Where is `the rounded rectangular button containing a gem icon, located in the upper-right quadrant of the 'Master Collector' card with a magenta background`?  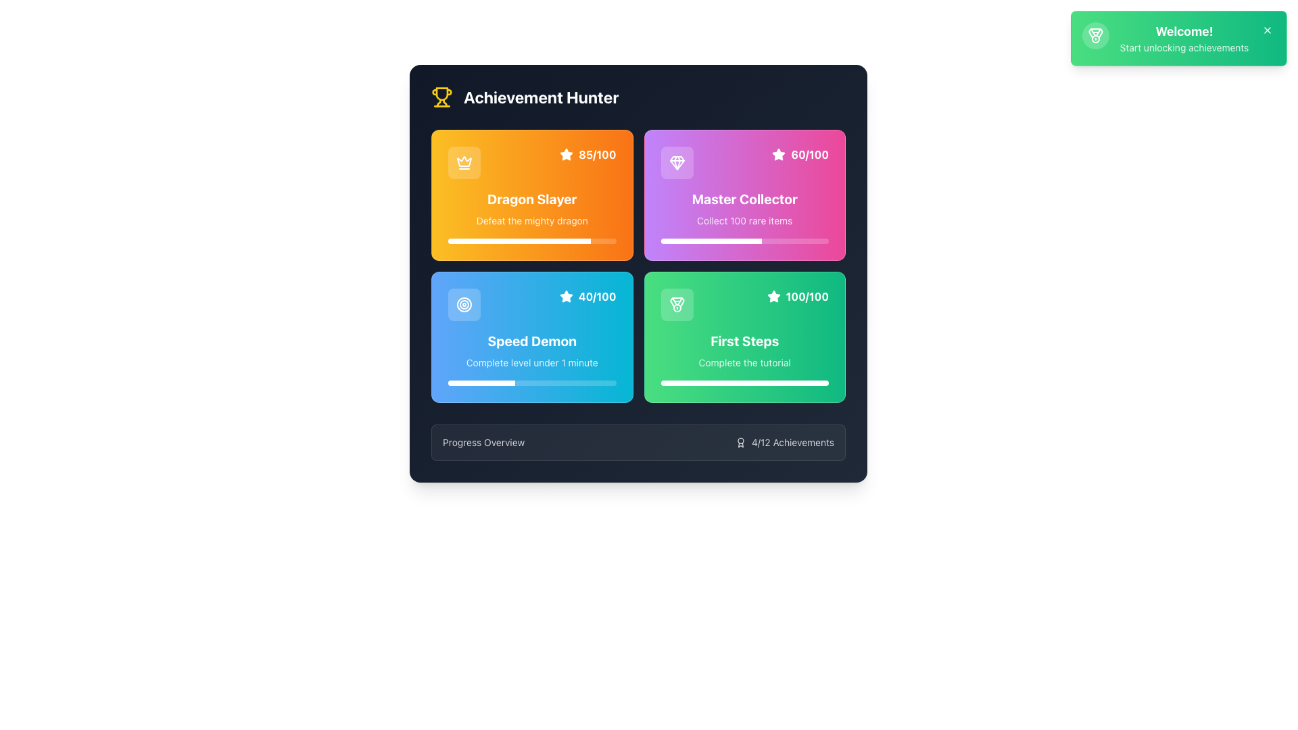
the rounded rectangular button containing a gem icon, located in the upper-right quadrant of the 'Master Collector' card with a magenta background is located at coordinates (677, 162).